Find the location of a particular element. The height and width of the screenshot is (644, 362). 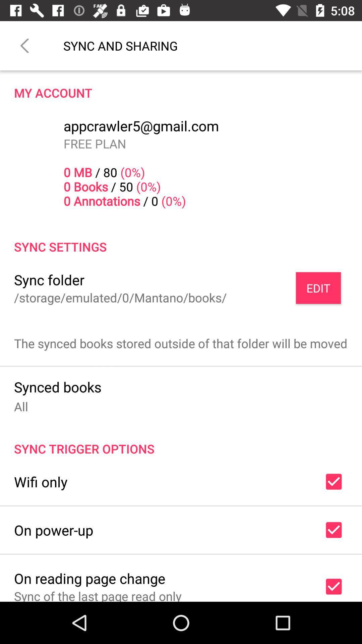

the appcrawler5@gmail.com is located at coordinates (141, 125).